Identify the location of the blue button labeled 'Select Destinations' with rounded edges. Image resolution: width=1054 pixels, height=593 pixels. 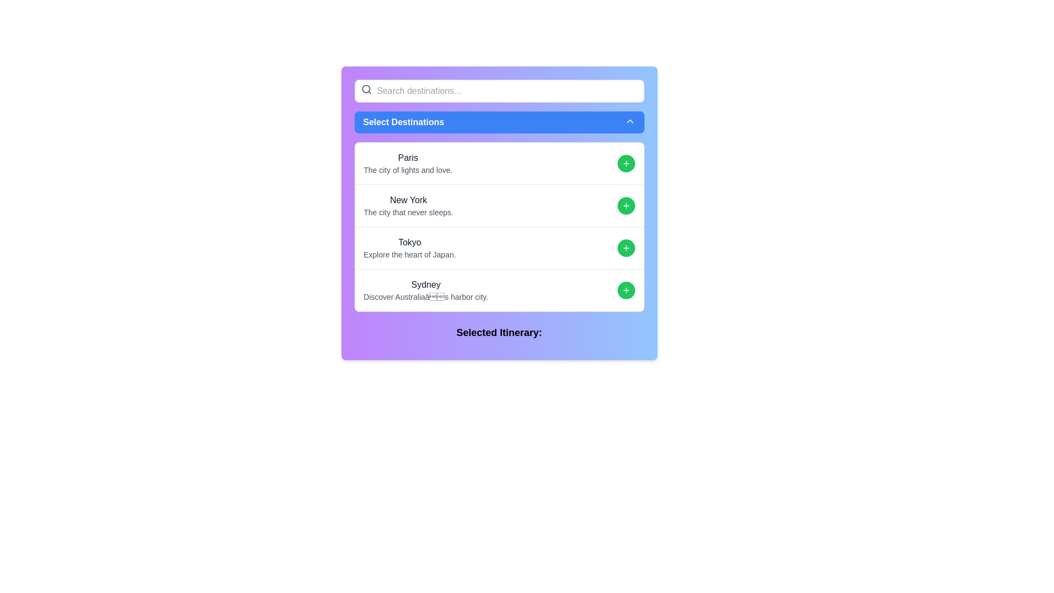
(498, 122).